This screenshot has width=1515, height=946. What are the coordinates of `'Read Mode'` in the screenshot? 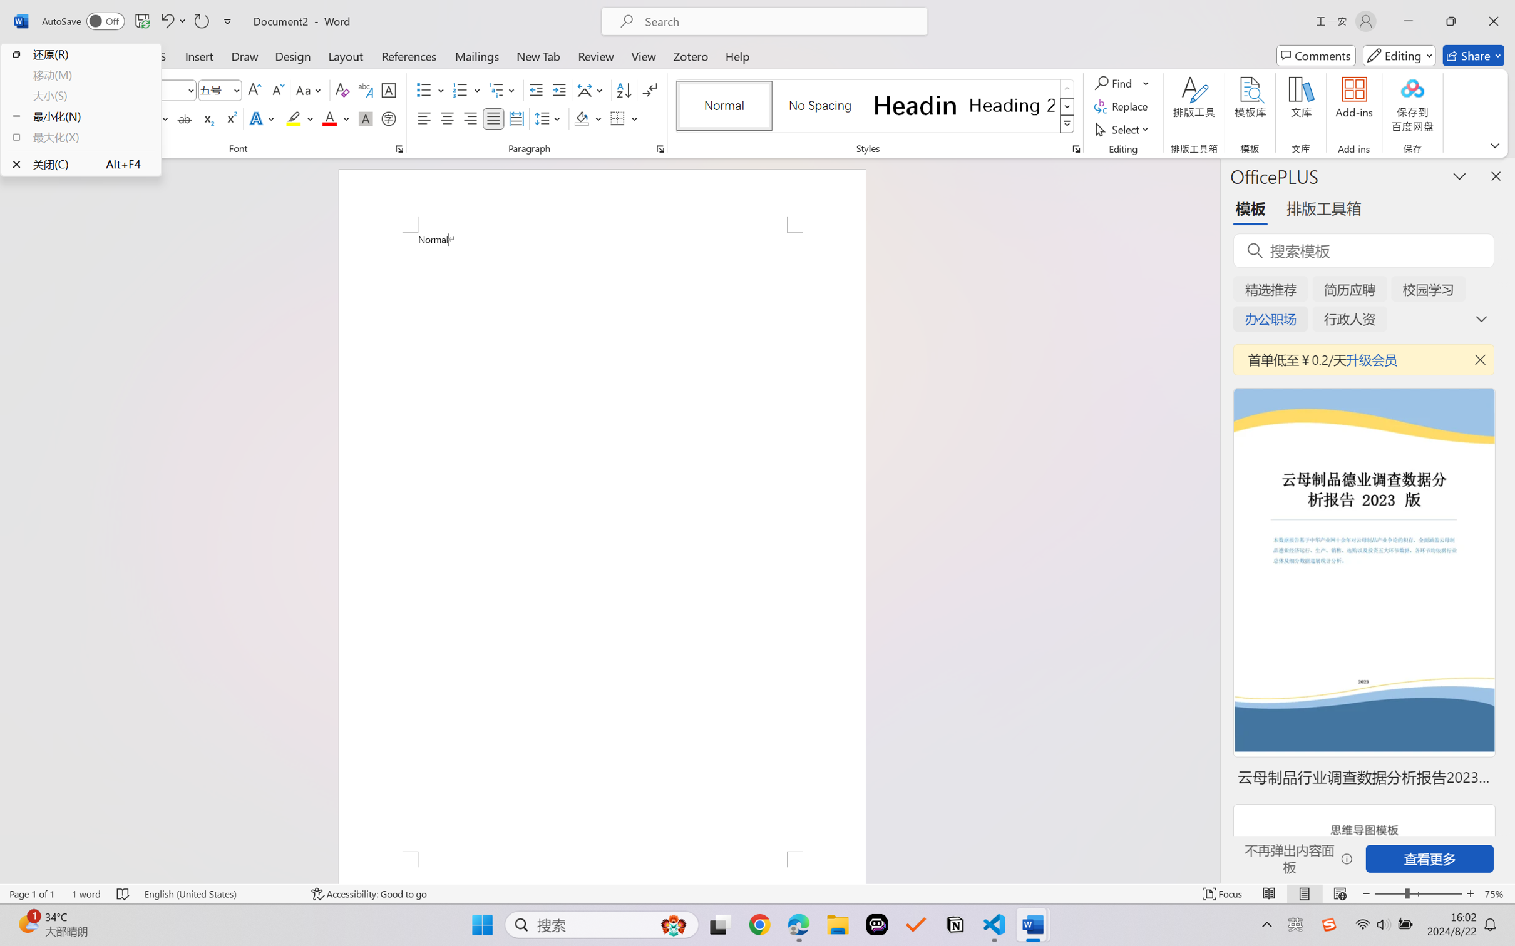 It's located at (1269, 893).